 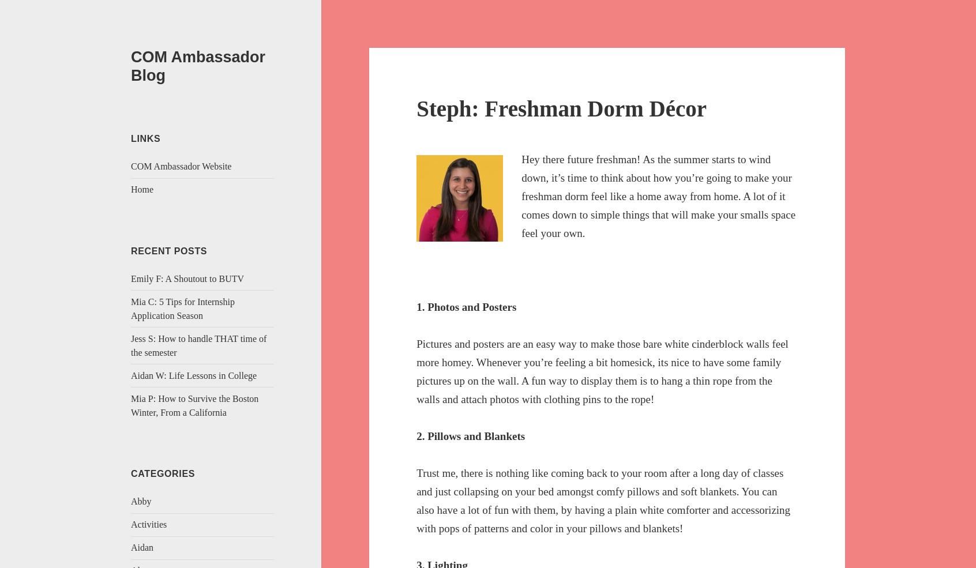 I want to click on 'Mia C: 5 Tips for Internship Application Season', so click(x=182, y=308).